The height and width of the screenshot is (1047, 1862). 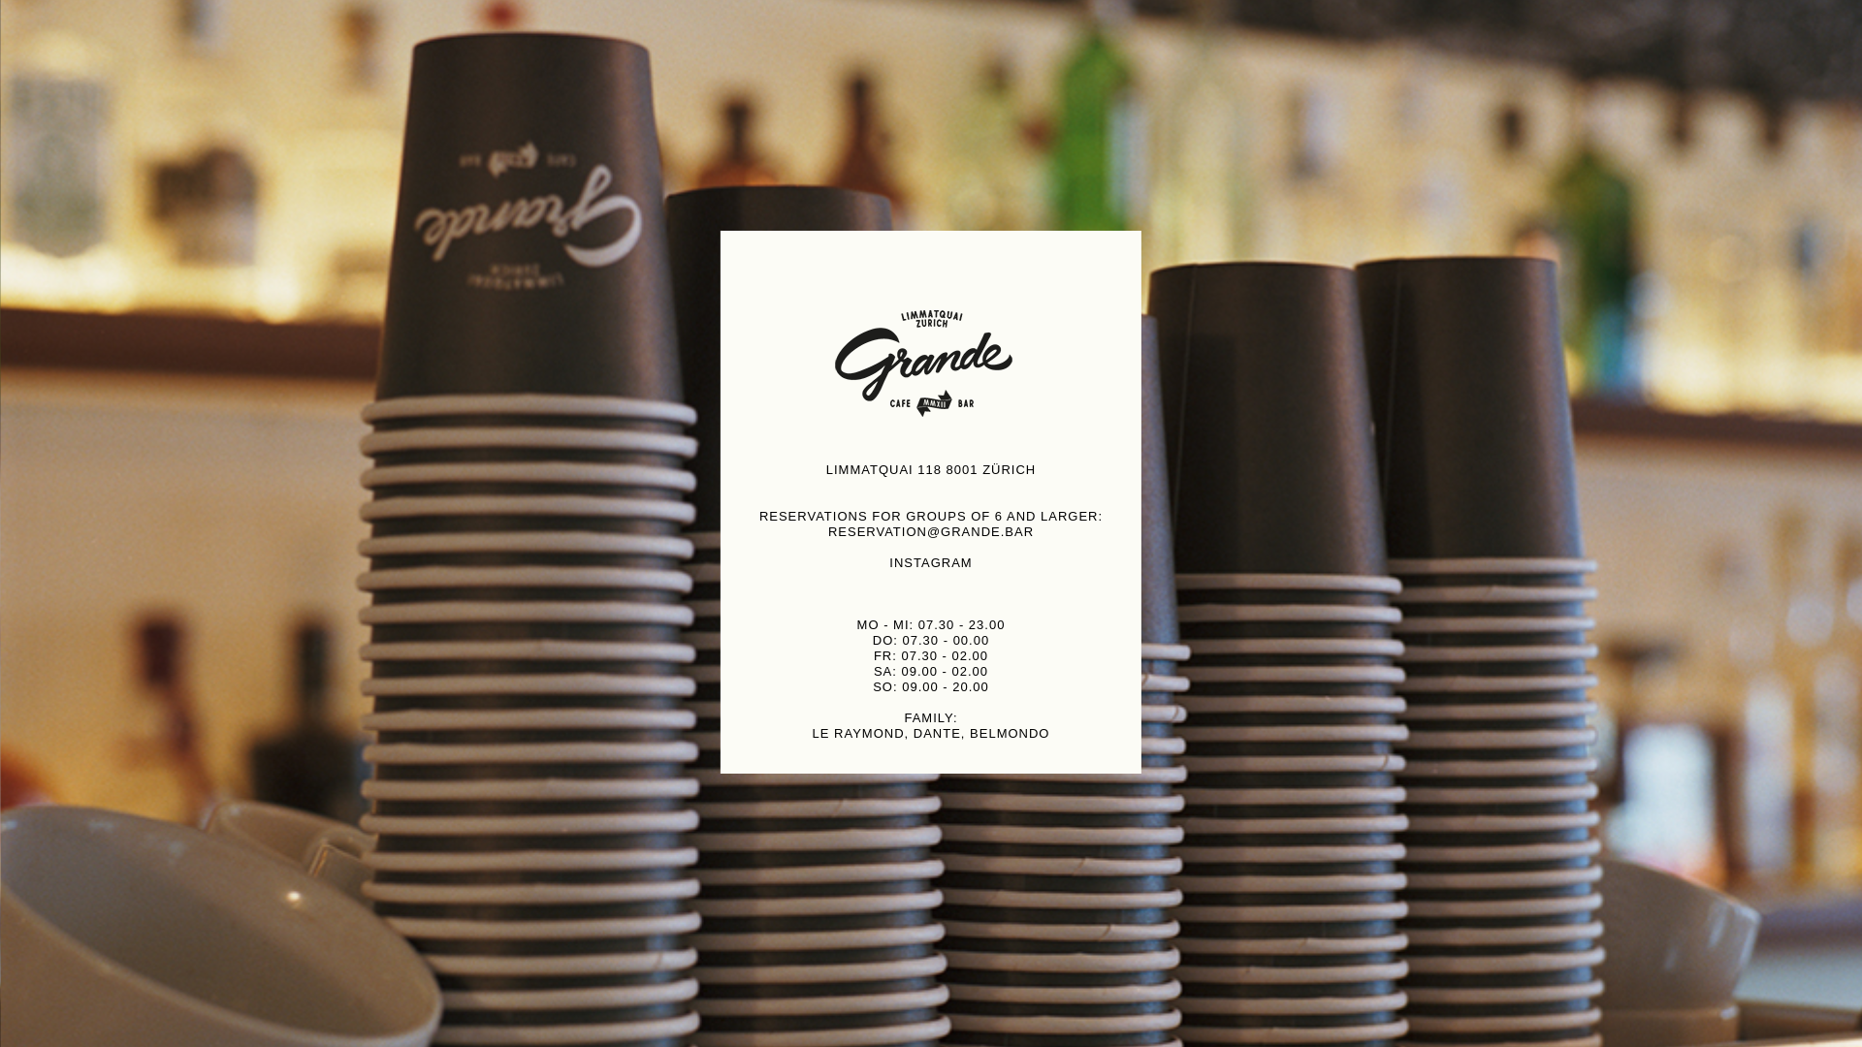 I want to click on 'DANTE', so click(x=937, y=733).